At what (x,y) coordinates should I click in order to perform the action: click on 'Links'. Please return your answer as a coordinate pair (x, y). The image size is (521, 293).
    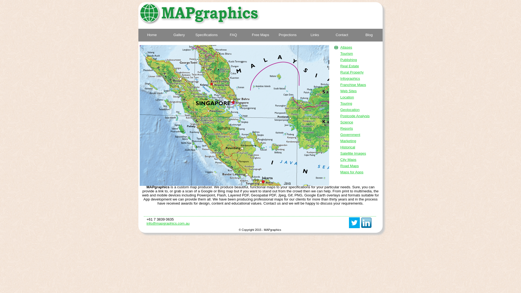
    Looking at the image, I should click on (315, 35).